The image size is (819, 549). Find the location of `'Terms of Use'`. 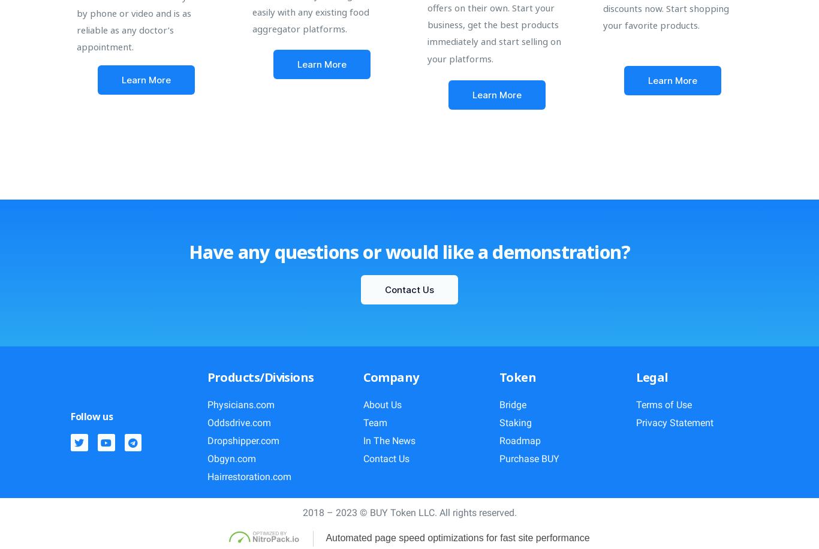

'Terms of Use' is located at coordinates (635, 404).